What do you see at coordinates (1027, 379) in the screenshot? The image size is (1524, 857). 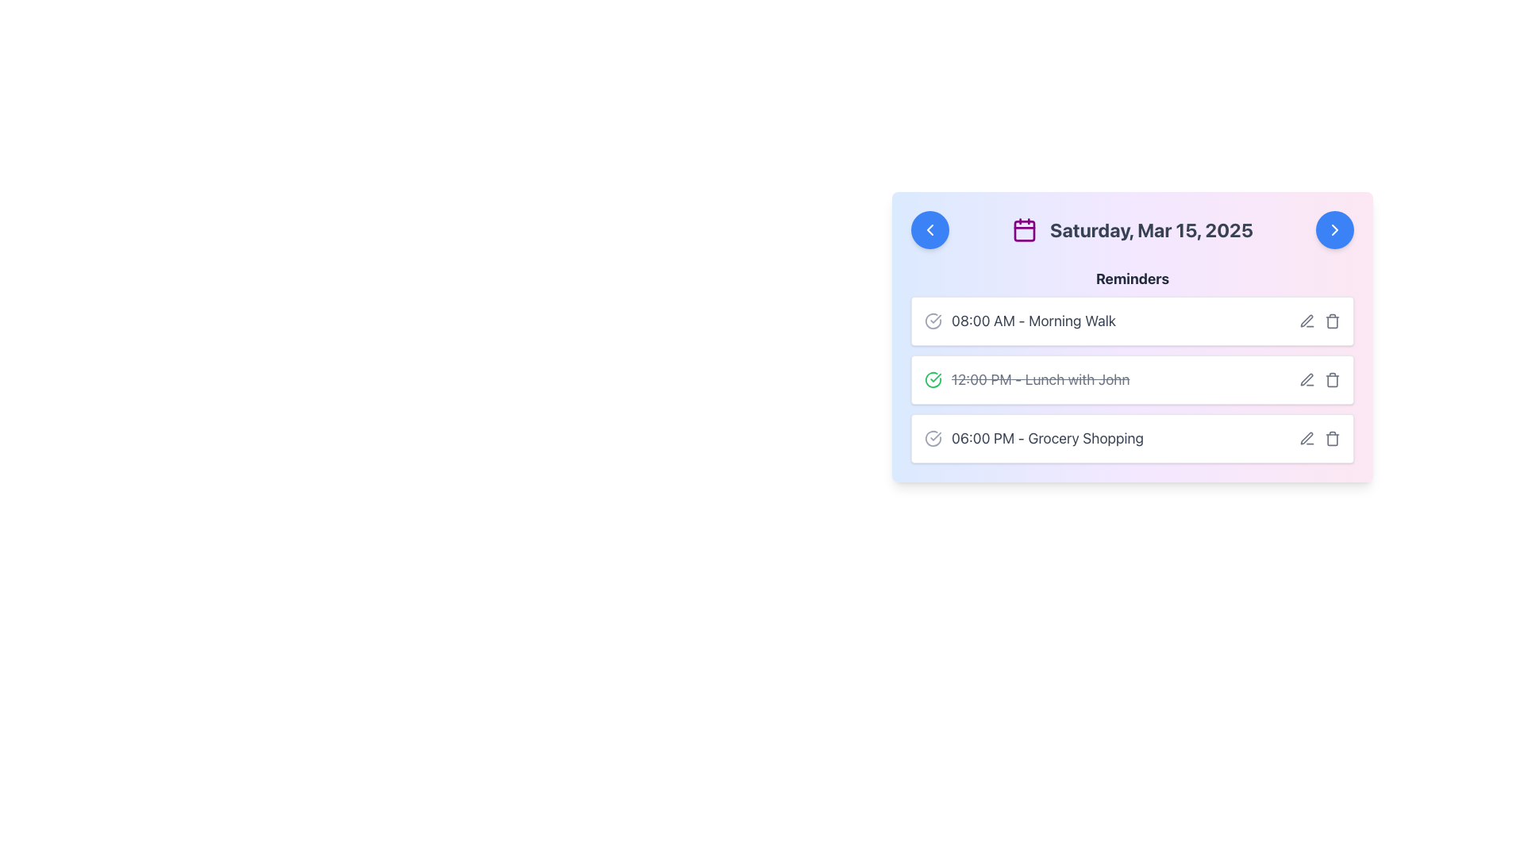 I see `the text label that displays '12:00 PM - Lunch with John' indicating a completed task with a strikethrough style` at bounding box center [1027, 379].